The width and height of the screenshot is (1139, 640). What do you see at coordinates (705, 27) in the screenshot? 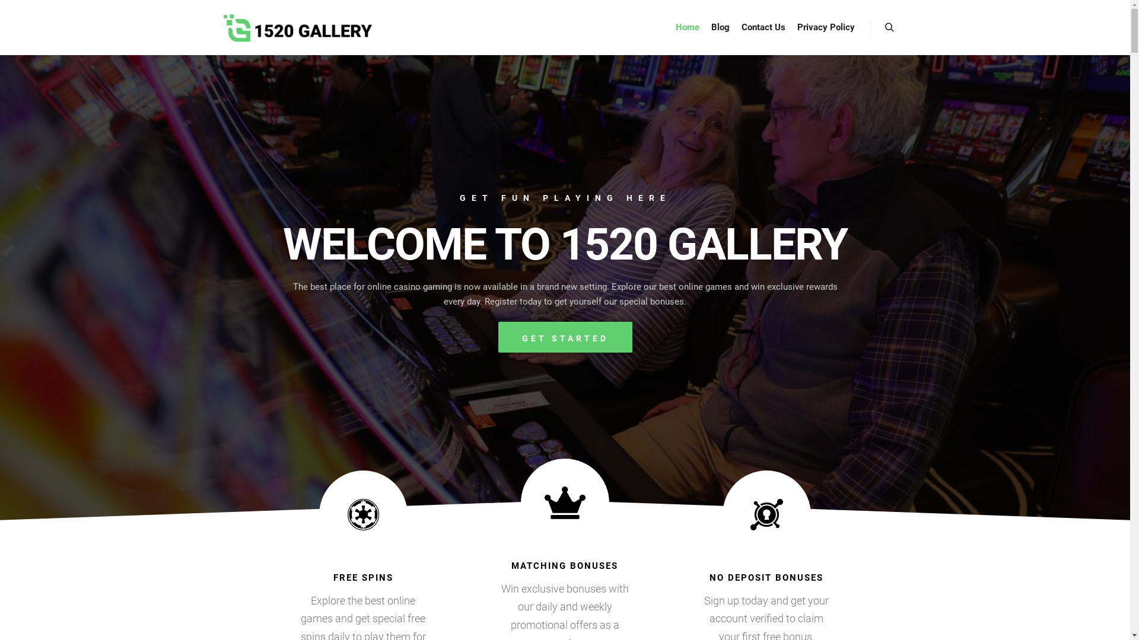
I see `'Blog'` at bounding box center [705, 27].